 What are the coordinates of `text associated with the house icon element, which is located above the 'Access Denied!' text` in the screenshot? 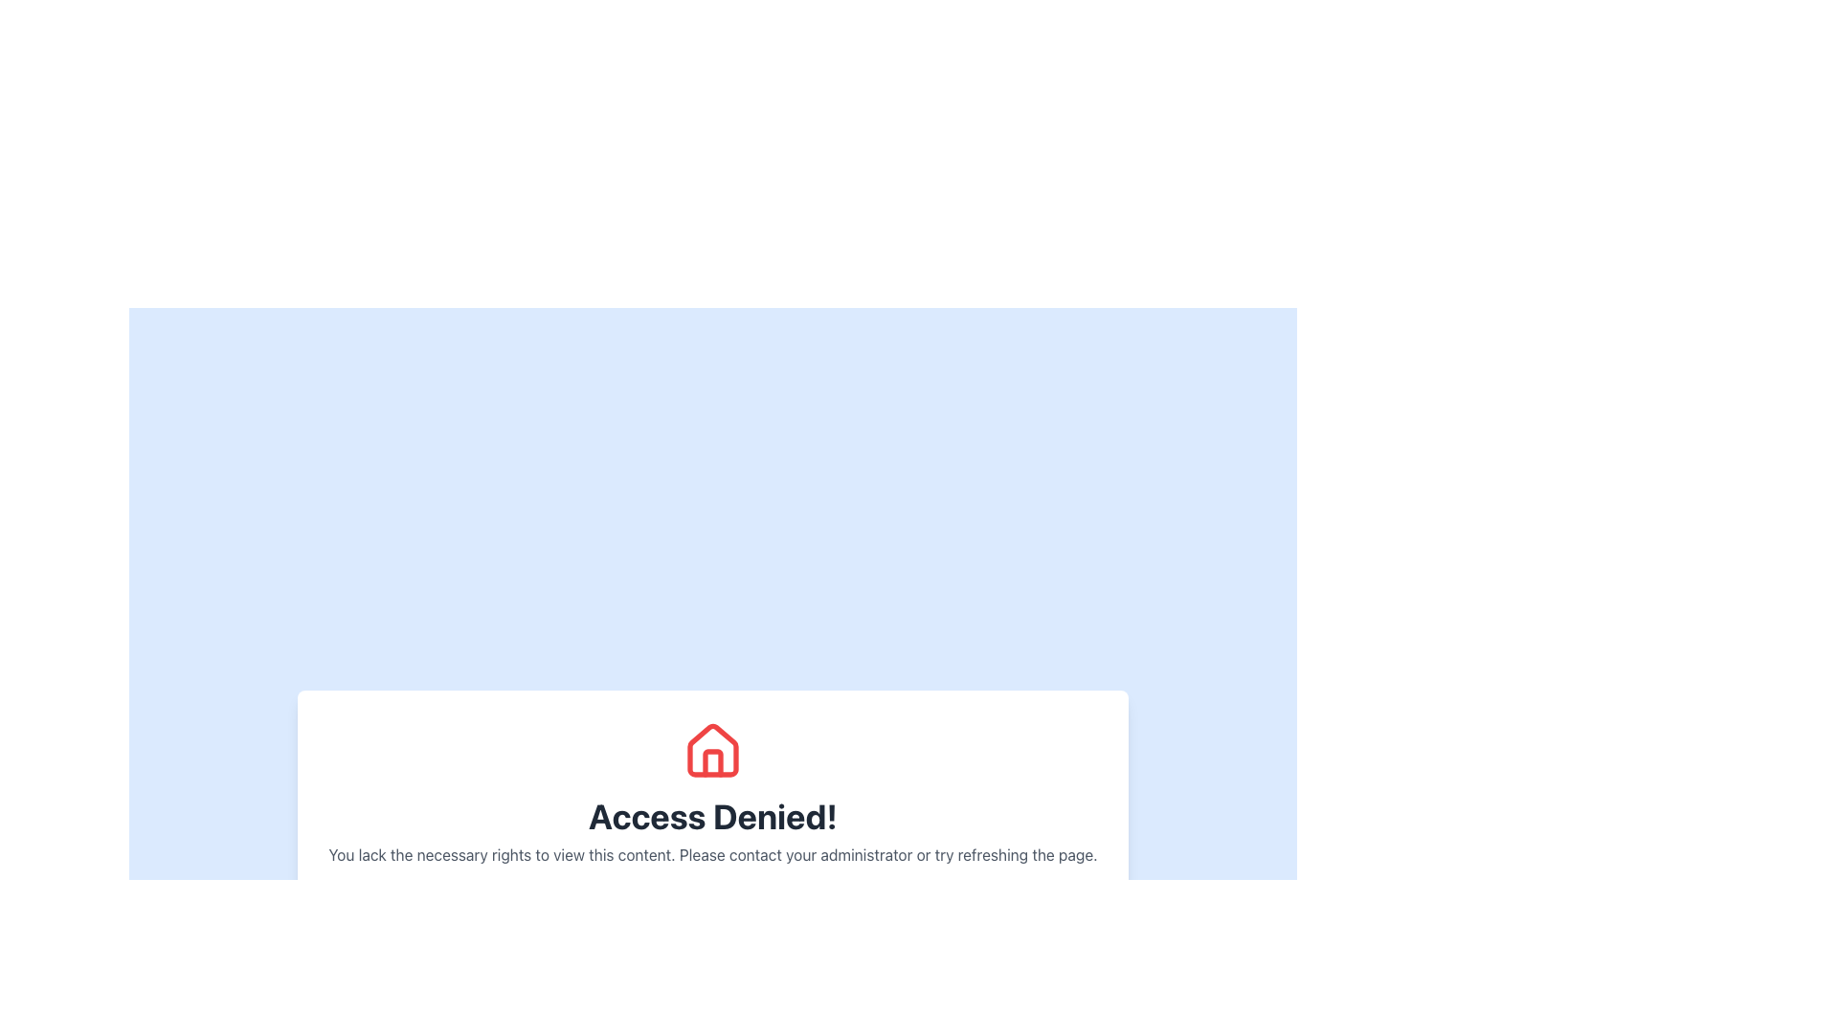 It's located at (711, 749).